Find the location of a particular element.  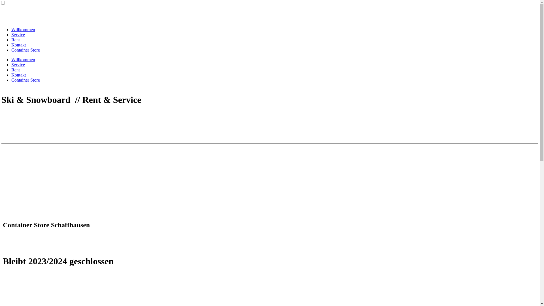

'Rent' is located at coordinates (15, 69).